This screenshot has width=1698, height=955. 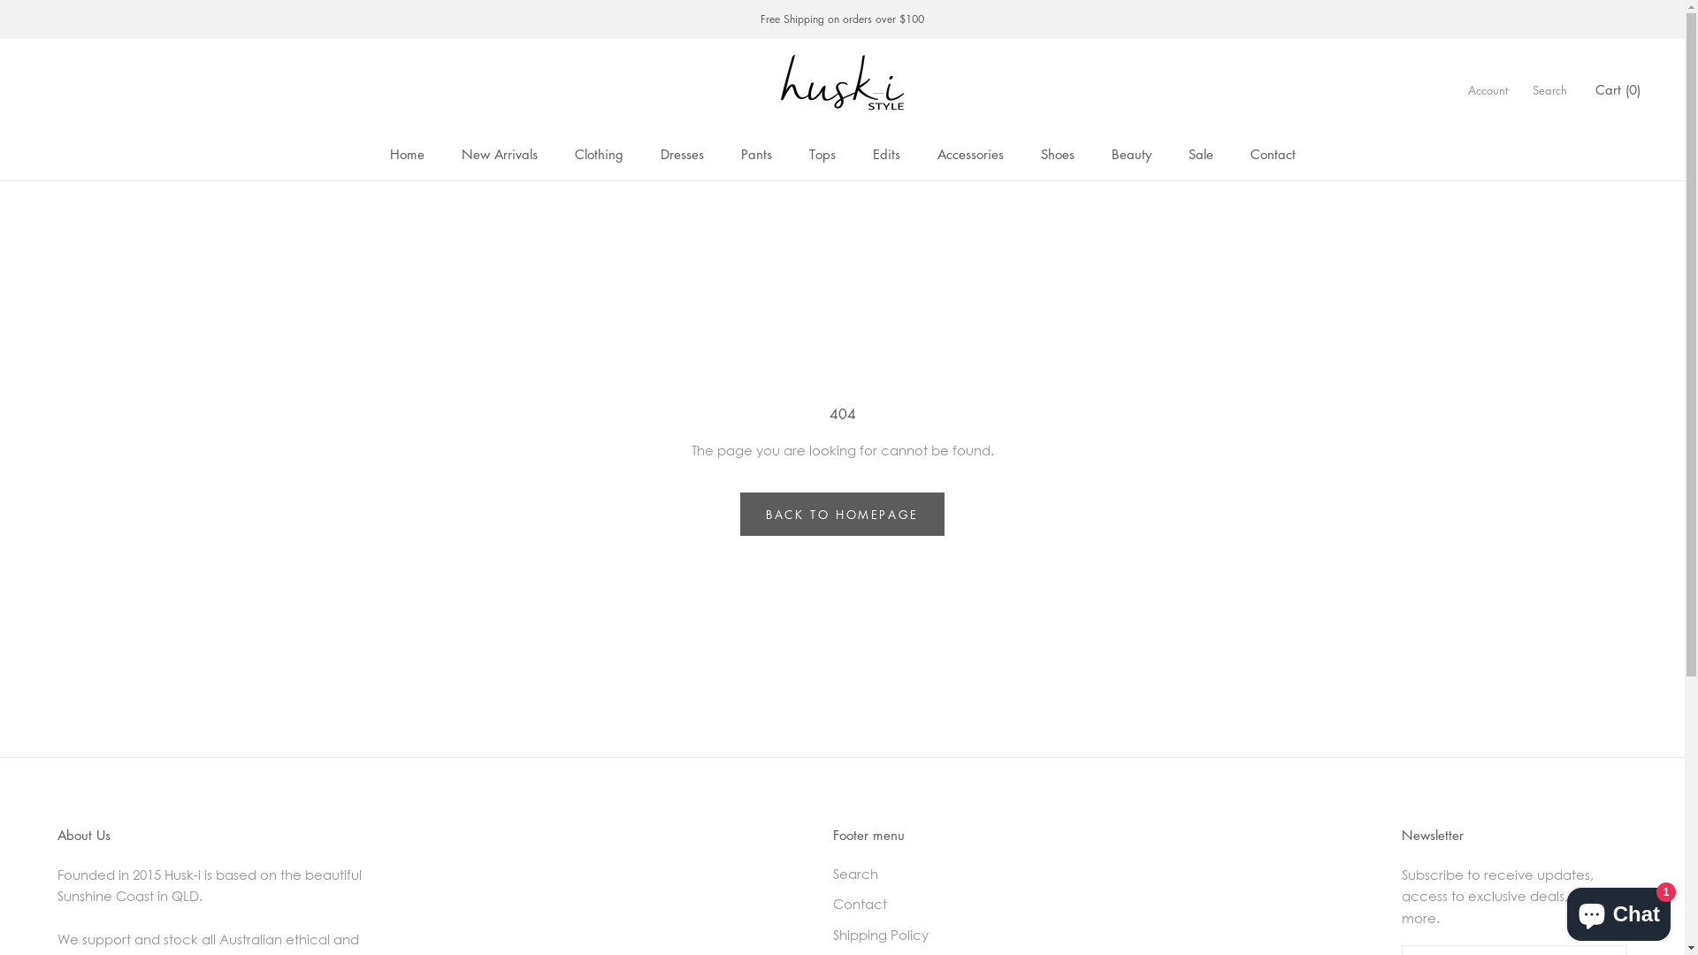 I want to click on 'Sale, so click(x=1201, y=152).